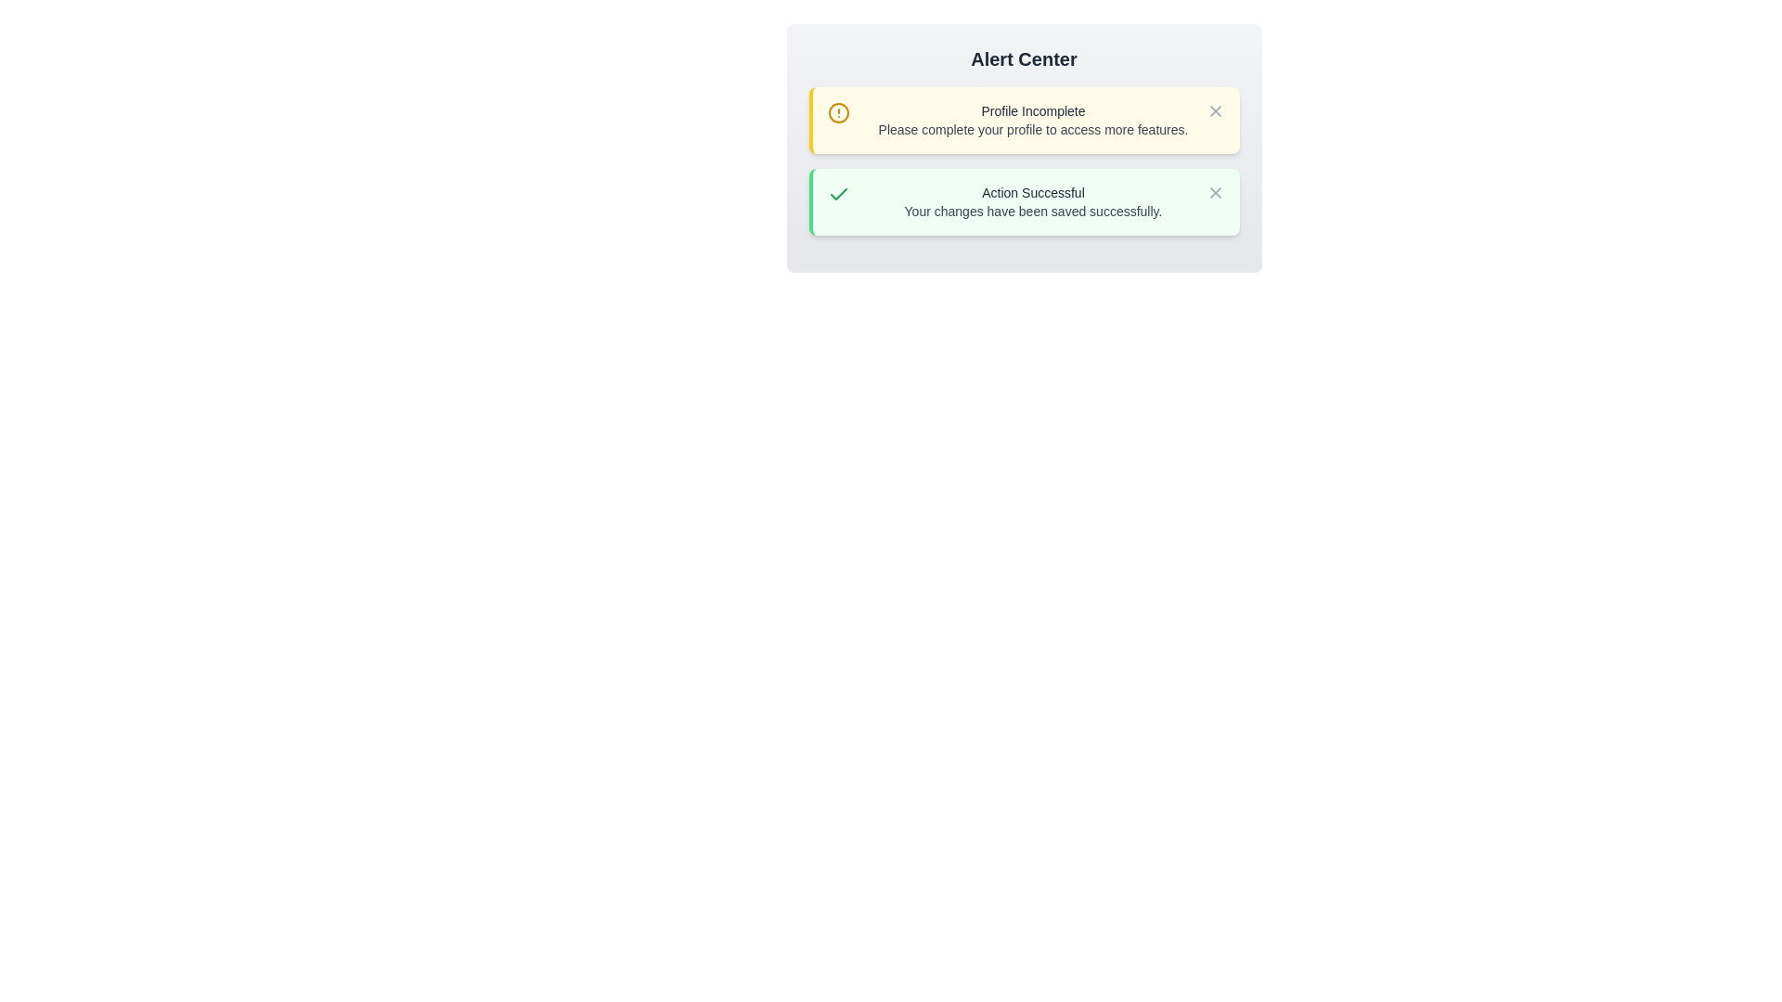 The width and height of the screenshot is (1782, 1002). What do you see at coordinates (1215, 110) in the screenshot?
I see `the dismiss button of the alert with title 'Profile Incomplete'` at bounding box center [1215, 110].